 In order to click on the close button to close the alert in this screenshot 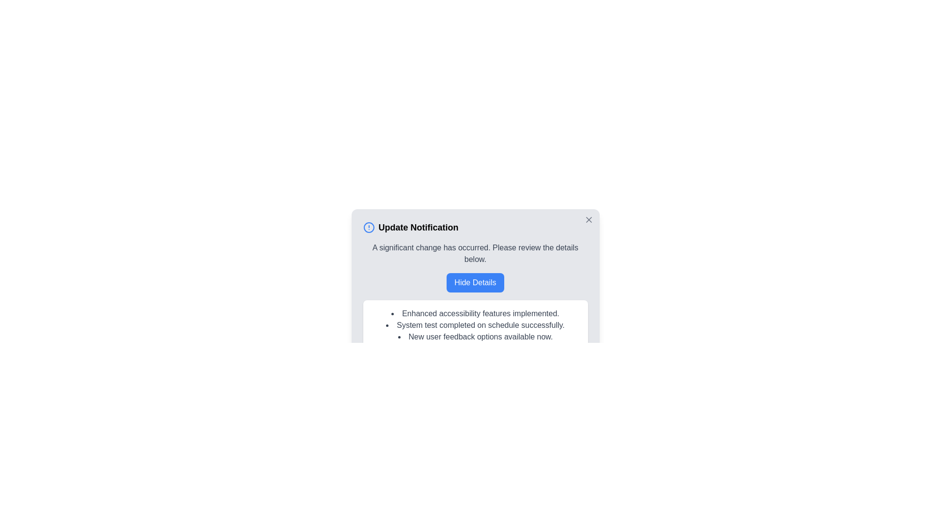, I will do `click(588, 220)`.